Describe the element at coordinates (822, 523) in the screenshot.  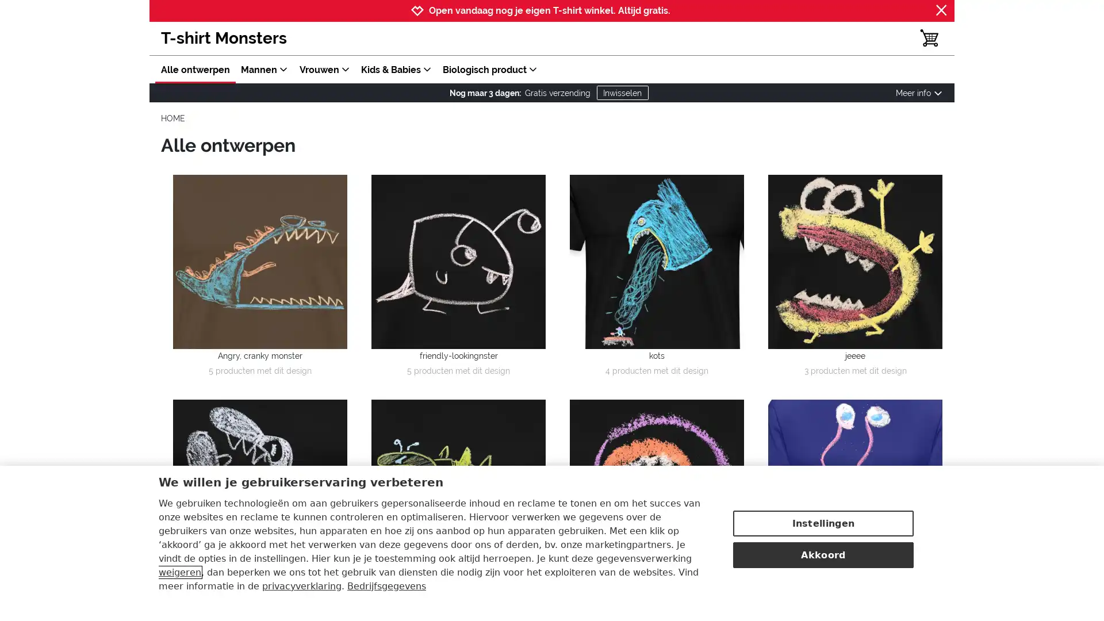
I see `Instellingen` at that location.